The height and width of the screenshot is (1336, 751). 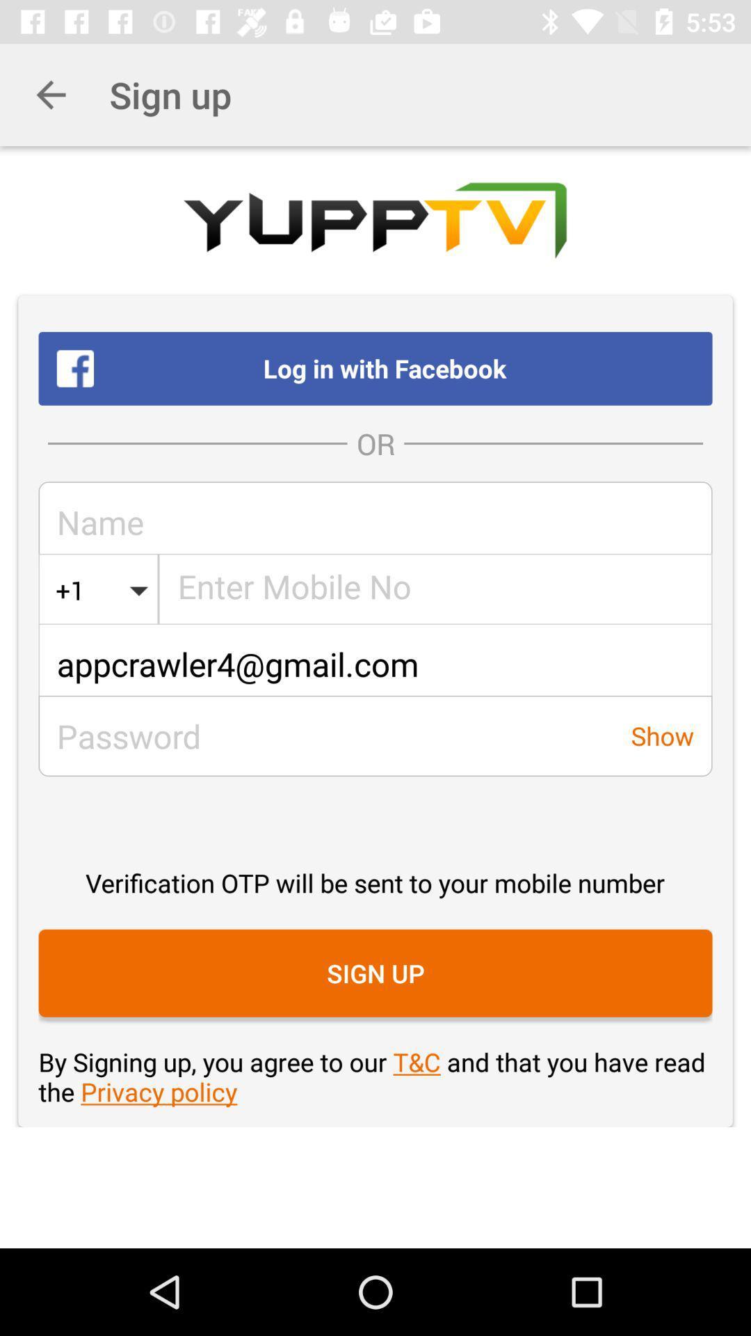 What do you see at coordinates (435, 590) in the screenshot?
I see `phone number` at bounding box center [435, 590].